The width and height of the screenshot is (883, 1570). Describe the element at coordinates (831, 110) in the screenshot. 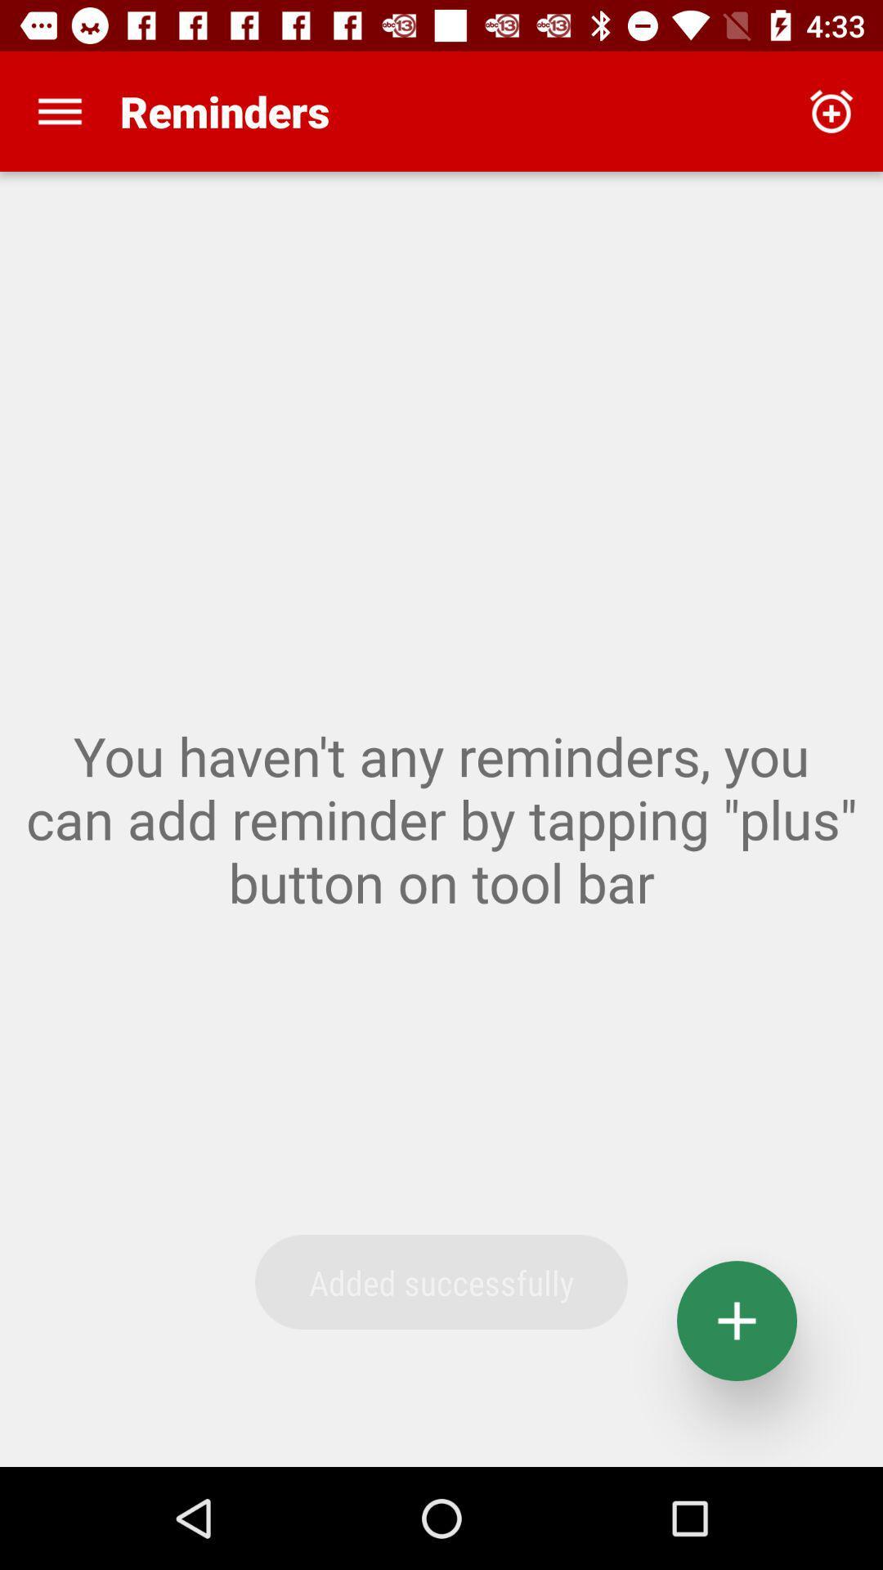

I see `the item at the top right corner` at that location.